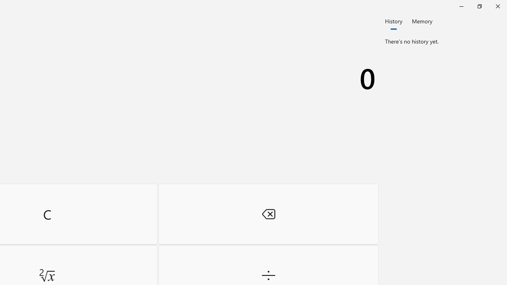  I want to click on 'Close Calculator', so click(497, 6).